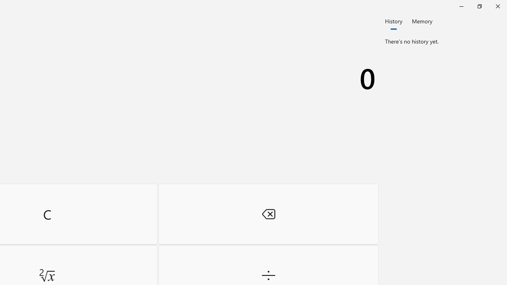  I want to click on 'Close Calculator', so click(497, 6).